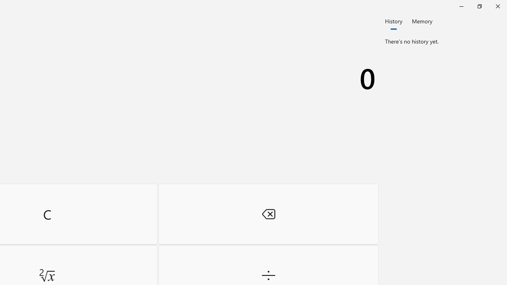  I want to click on 'Close Calculator', so click(497, 6).